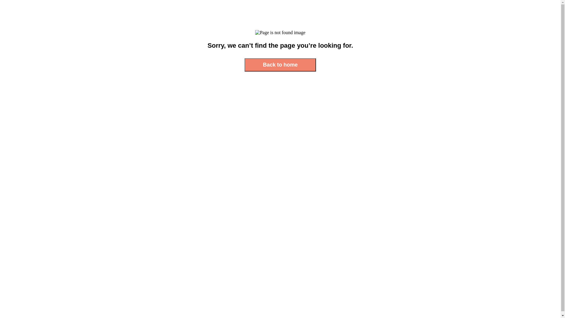  Describe the element at coordinates (244, 65) in the screenshot. I see `'Back to home'` at that location.